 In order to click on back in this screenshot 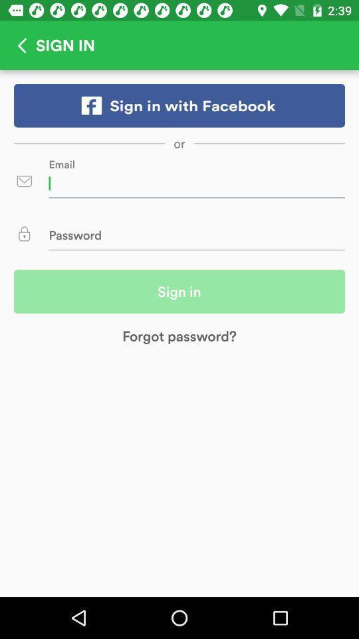, I will do `click(17, 45)`.